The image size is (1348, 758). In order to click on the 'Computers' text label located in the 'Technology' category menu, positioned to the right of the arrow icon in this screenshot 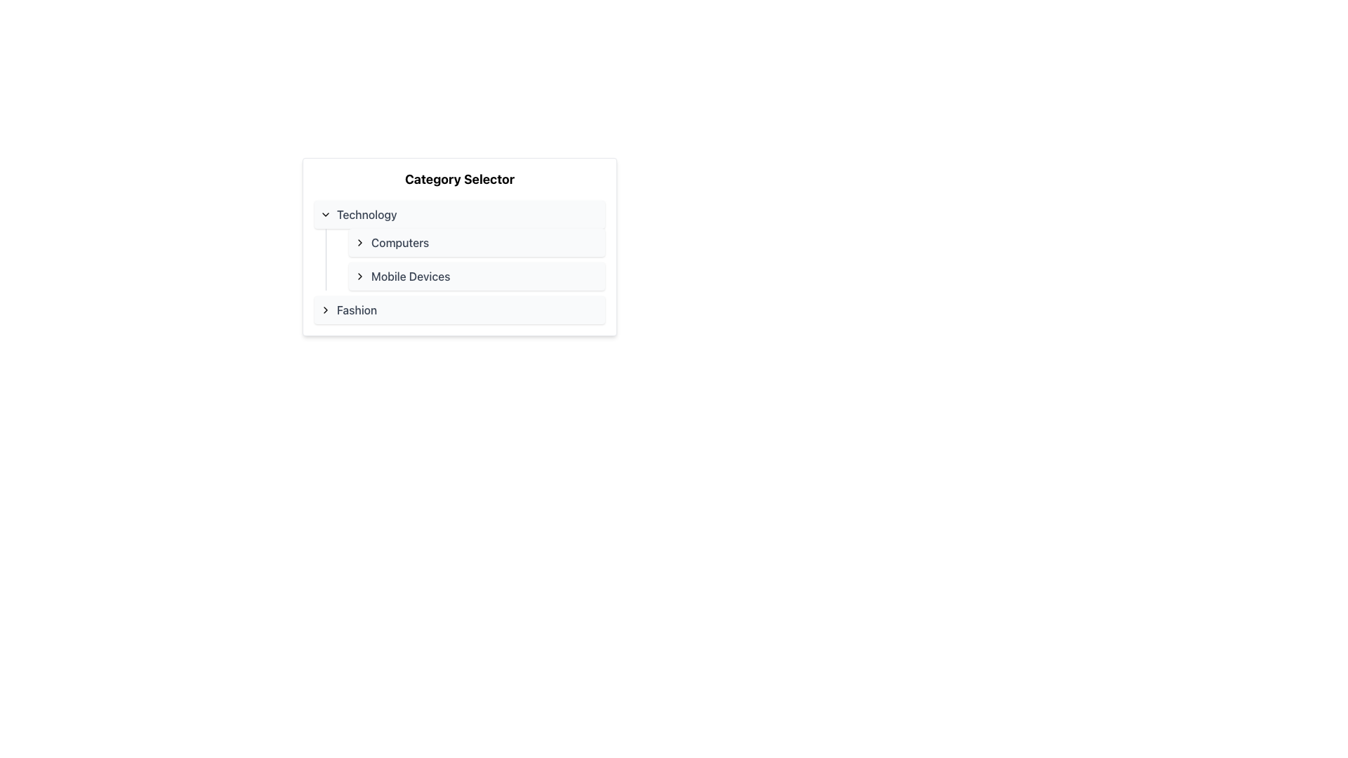, I will do `click(399, 242)`.